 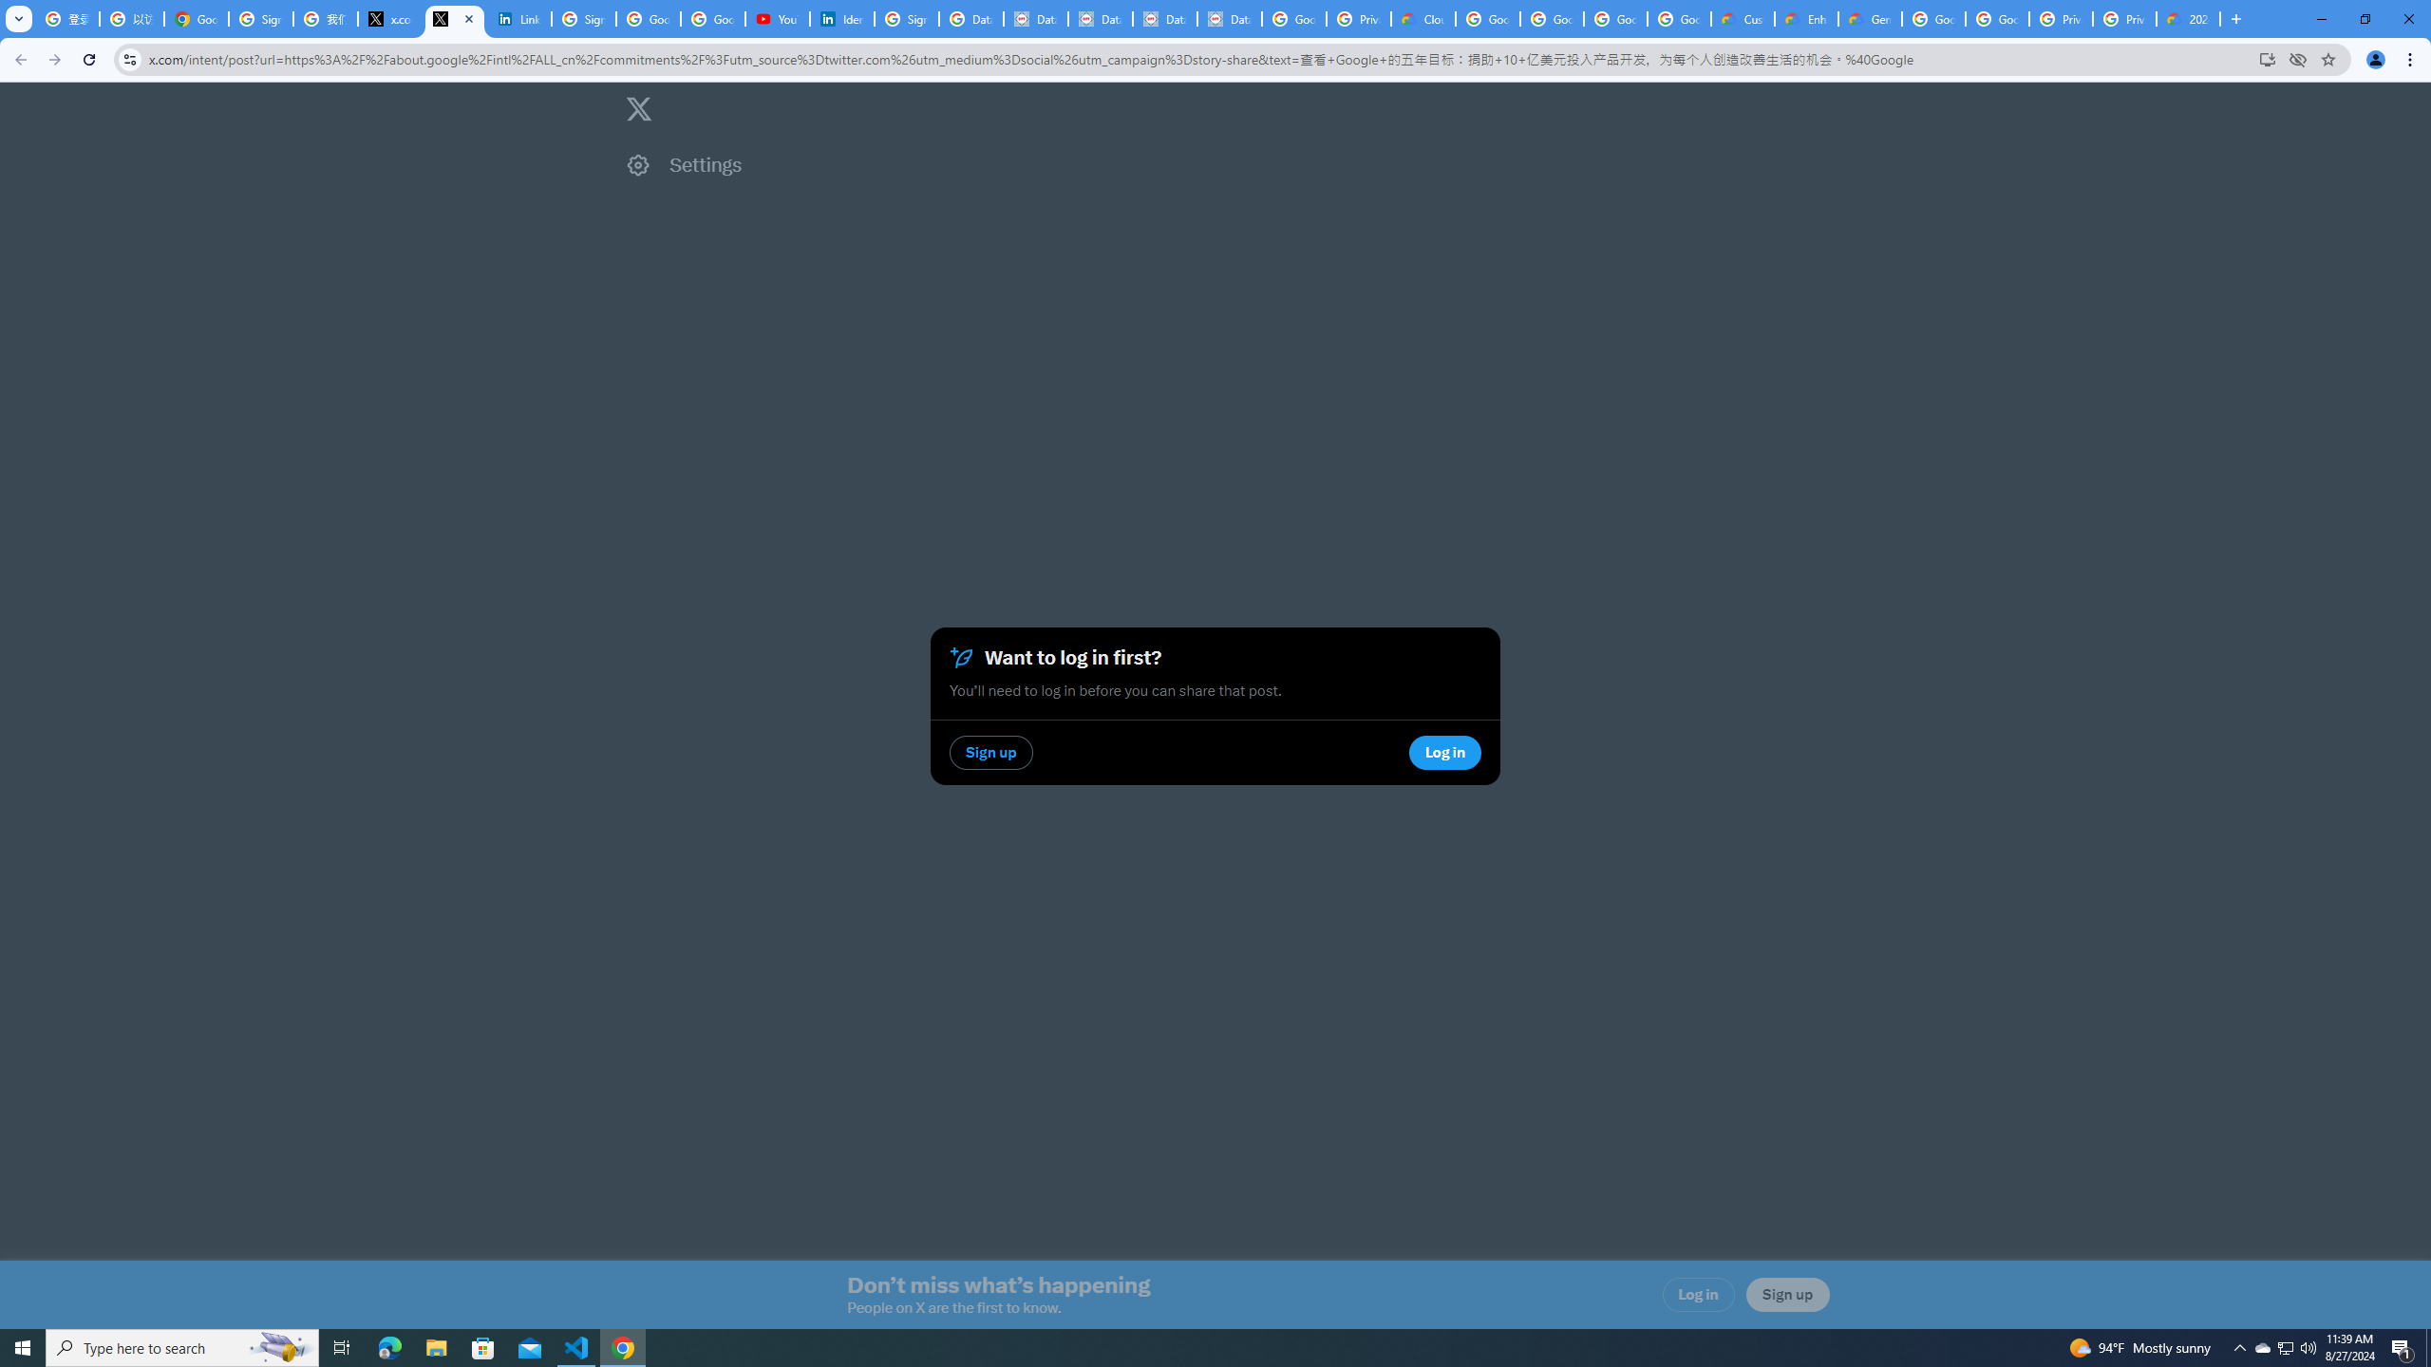 I want to click on 'Google Workspace - Specific Terms', so click(x=1614, y=18).